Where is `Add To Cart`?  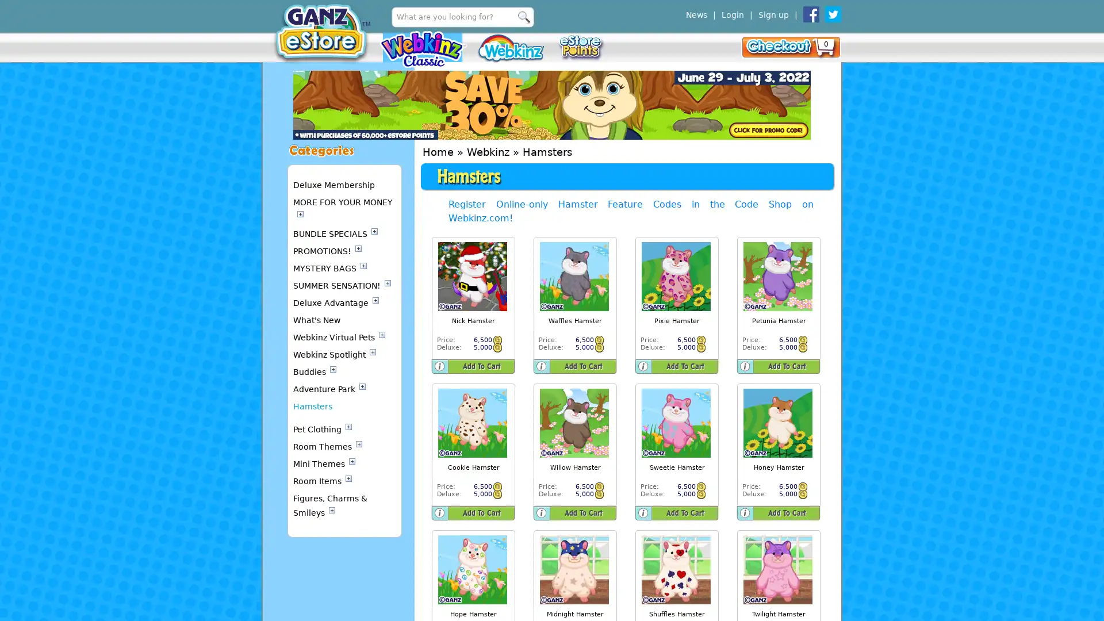
Add To Cart is located at coordinates (786, 512).